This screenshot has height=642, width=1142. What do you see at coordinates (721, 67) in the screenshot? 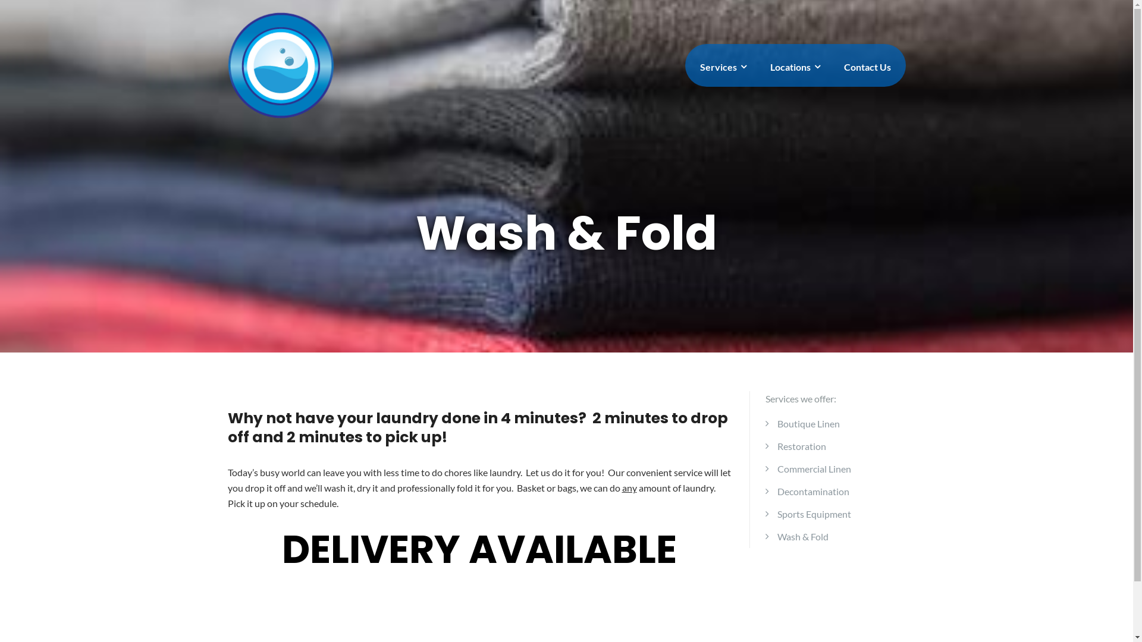
I see `'Services'` at bounding box center [721, 67].